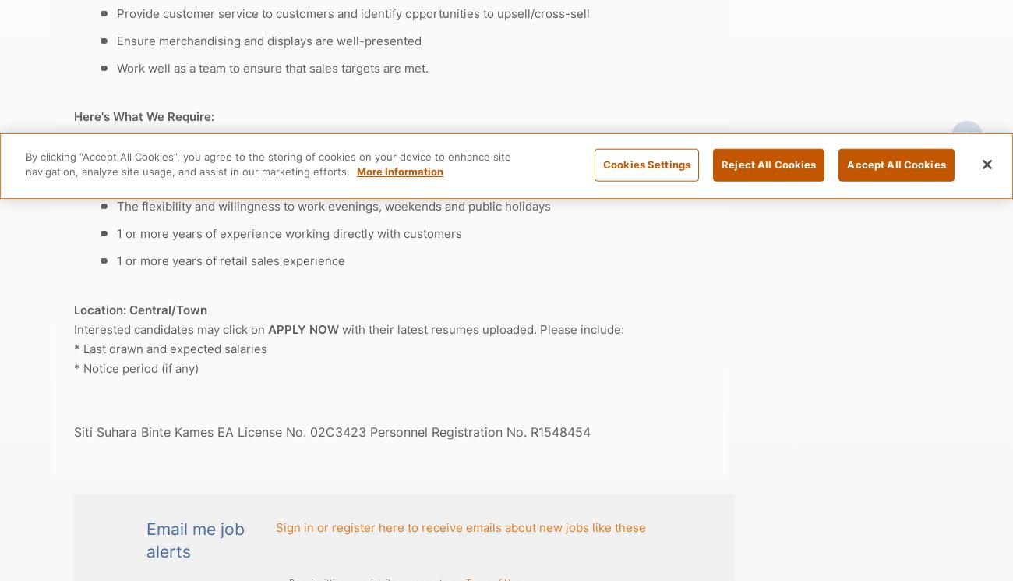 The height and width of the screenshot is (581, 1013). Describe the element at coordinates (334, 205) in the screenshot. I see `'The flexibility and willingness to work evenings, weekends and public holidays'` at that location.